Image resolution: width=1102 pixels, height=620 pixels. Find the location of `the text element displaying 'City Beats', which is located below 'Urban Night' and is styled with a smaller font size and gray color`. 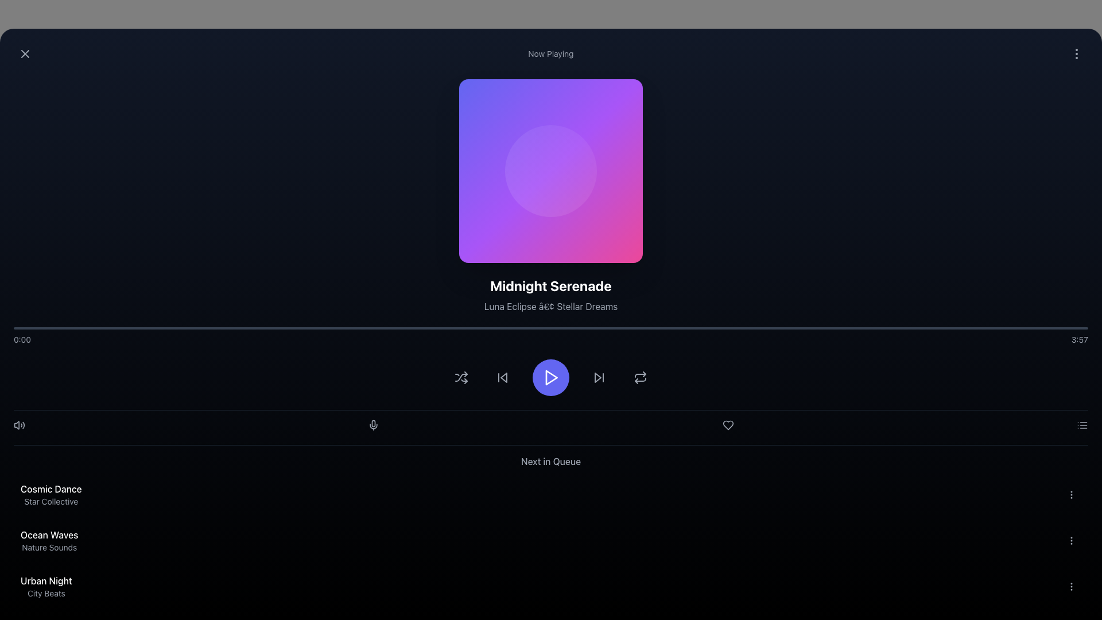

the text element displaying 'City Beats', which is located below 'Urban Night' and is styled with a smaller font size and gray color is located at coordinates (46, 593).